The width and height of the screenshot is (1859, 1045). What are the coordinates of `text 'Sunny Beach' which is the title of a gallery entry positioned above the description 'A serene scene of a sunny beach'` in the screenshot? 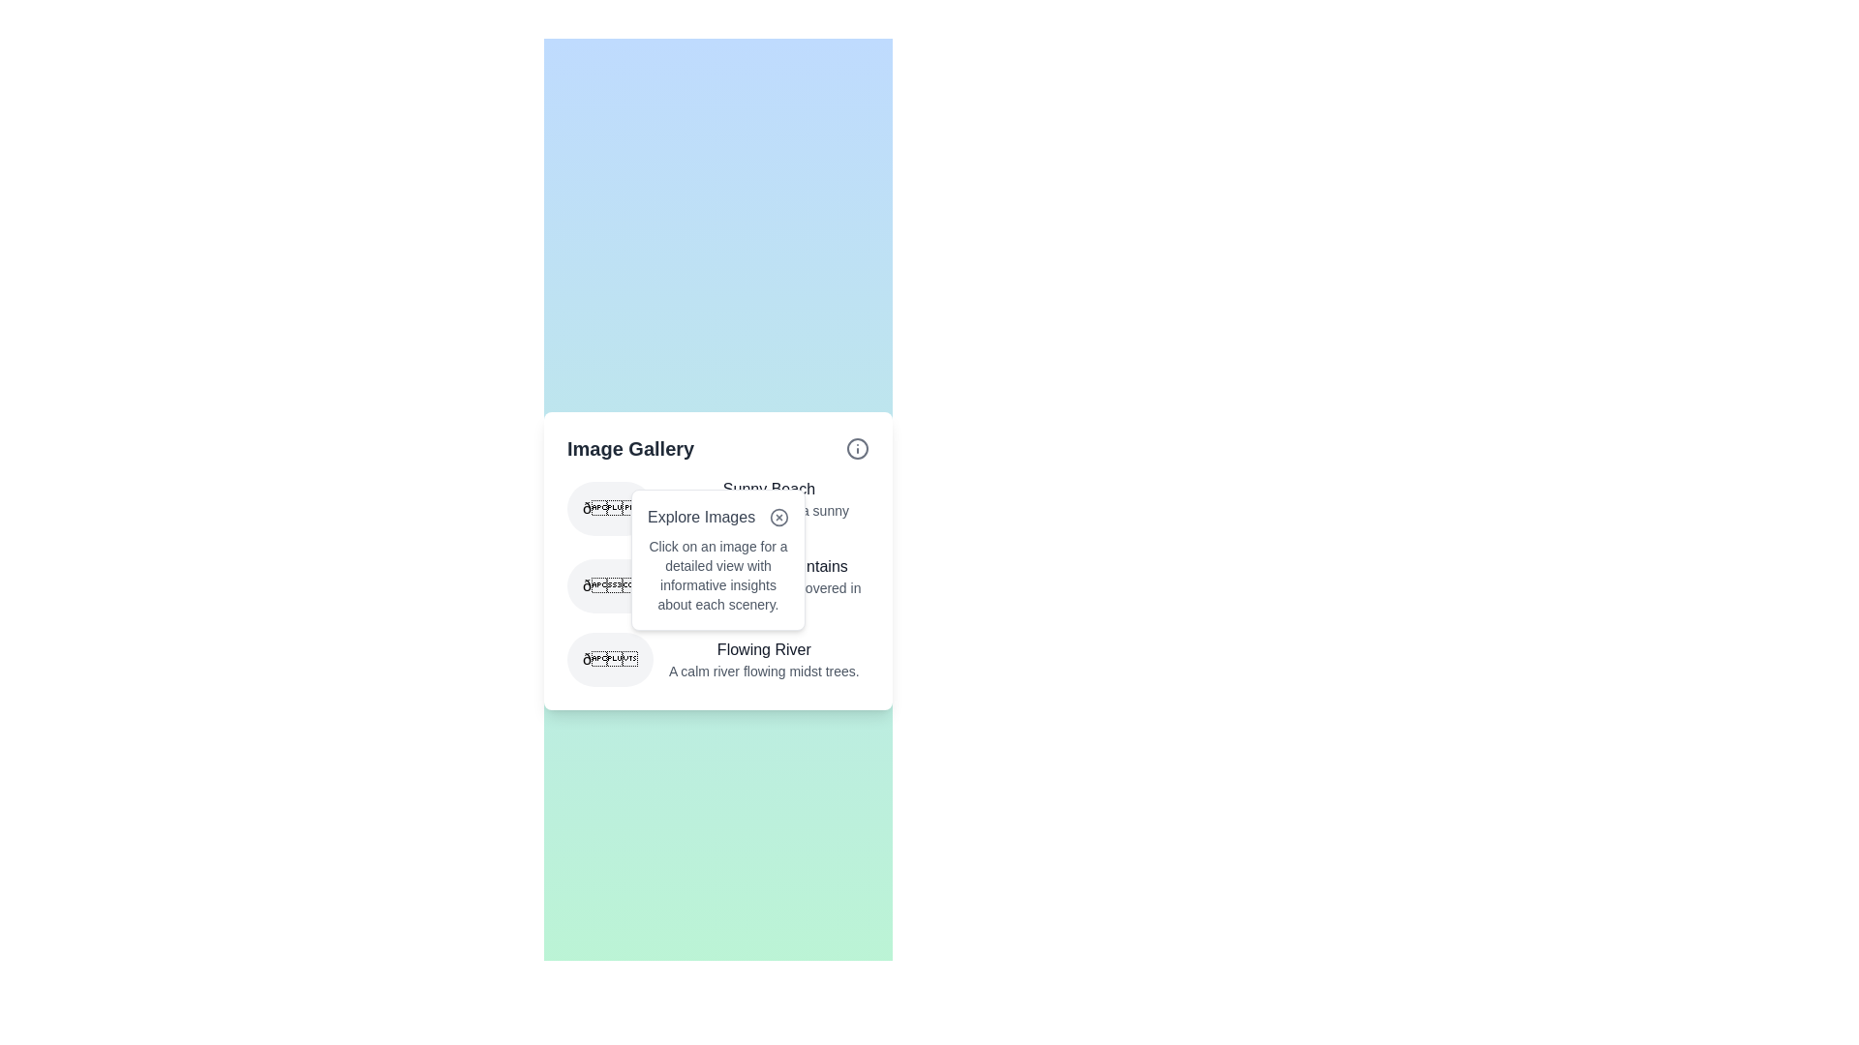 It's located at (768, 488).